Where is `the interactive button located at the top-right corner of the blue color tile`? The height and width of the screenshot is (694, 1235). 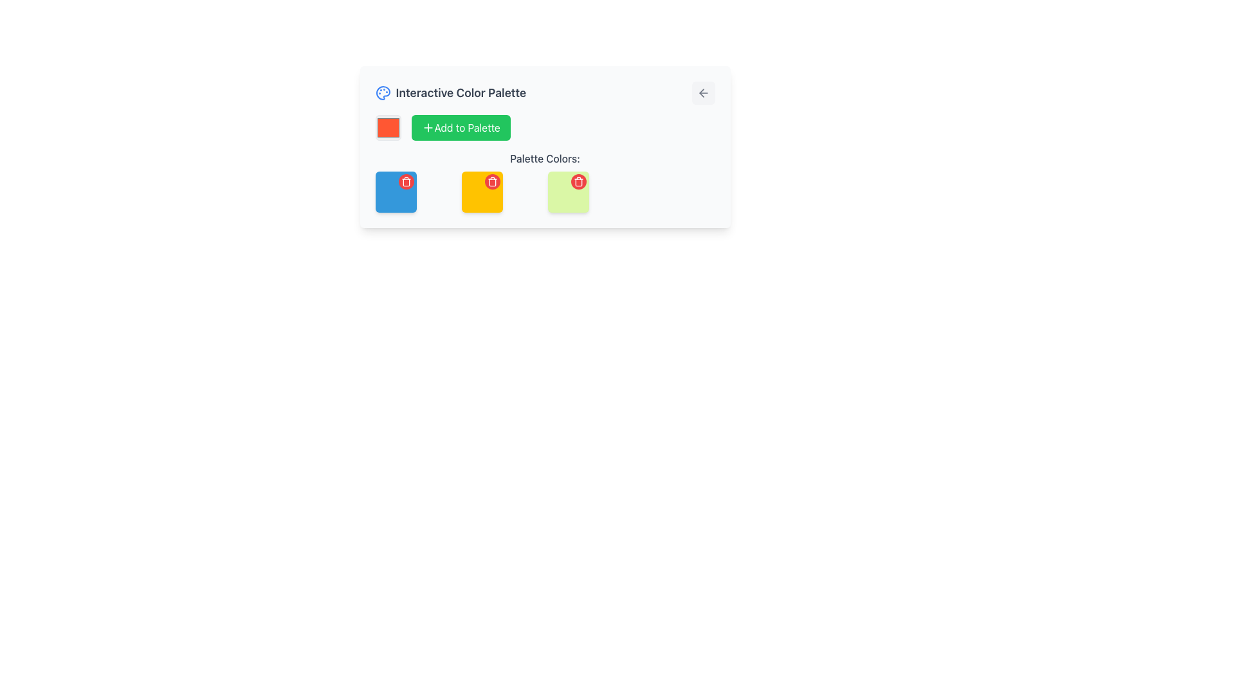 the interactive button located at the top-right corner of the blue color tile is located at coordinates (405, 181).